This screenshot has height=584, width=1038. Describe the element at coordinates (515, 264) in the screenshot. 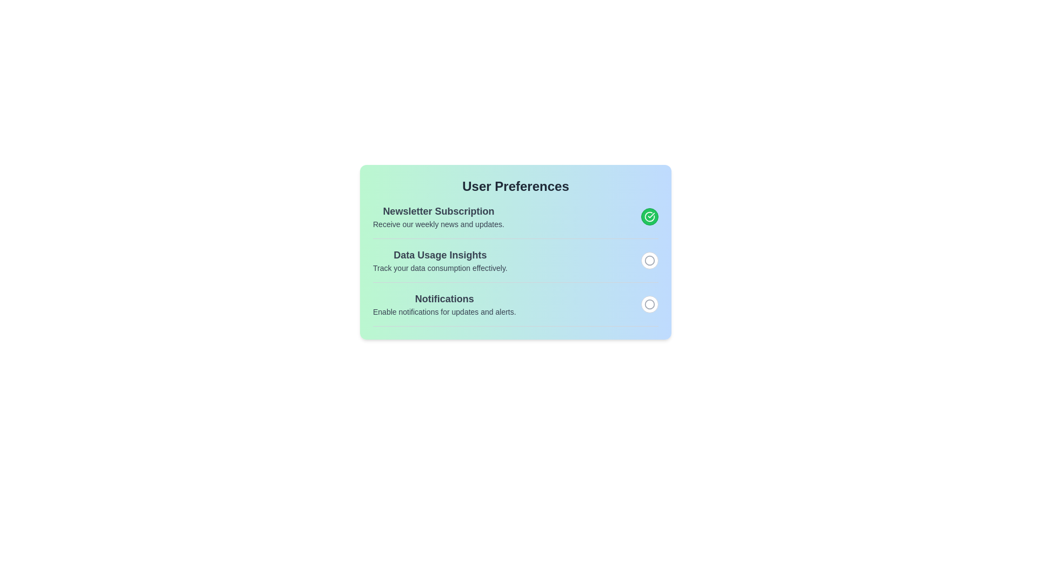

I see `the second section of the Interactive List within the 'User Preferences' card` at that location.